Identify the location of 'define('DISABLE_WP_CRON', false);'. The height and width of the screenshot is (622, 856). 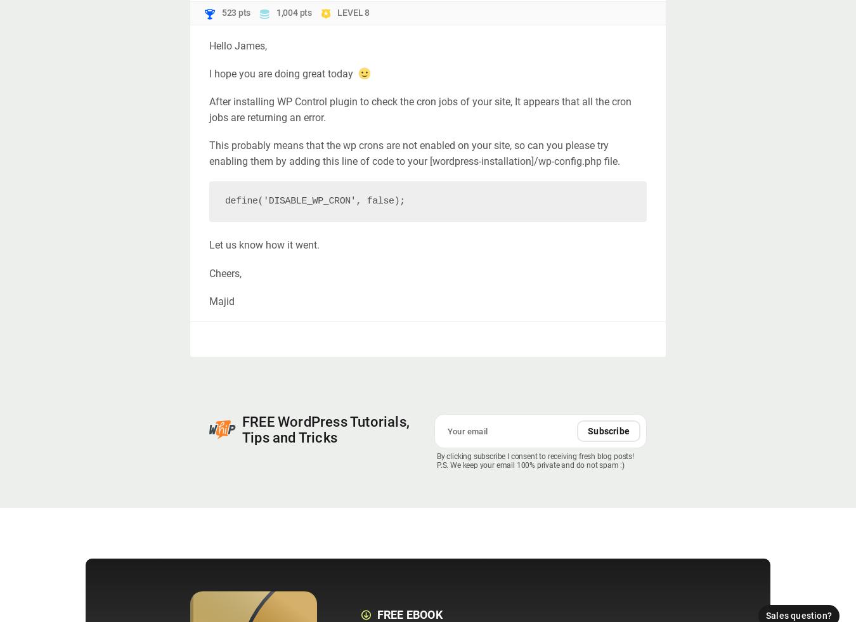
(314, 200).